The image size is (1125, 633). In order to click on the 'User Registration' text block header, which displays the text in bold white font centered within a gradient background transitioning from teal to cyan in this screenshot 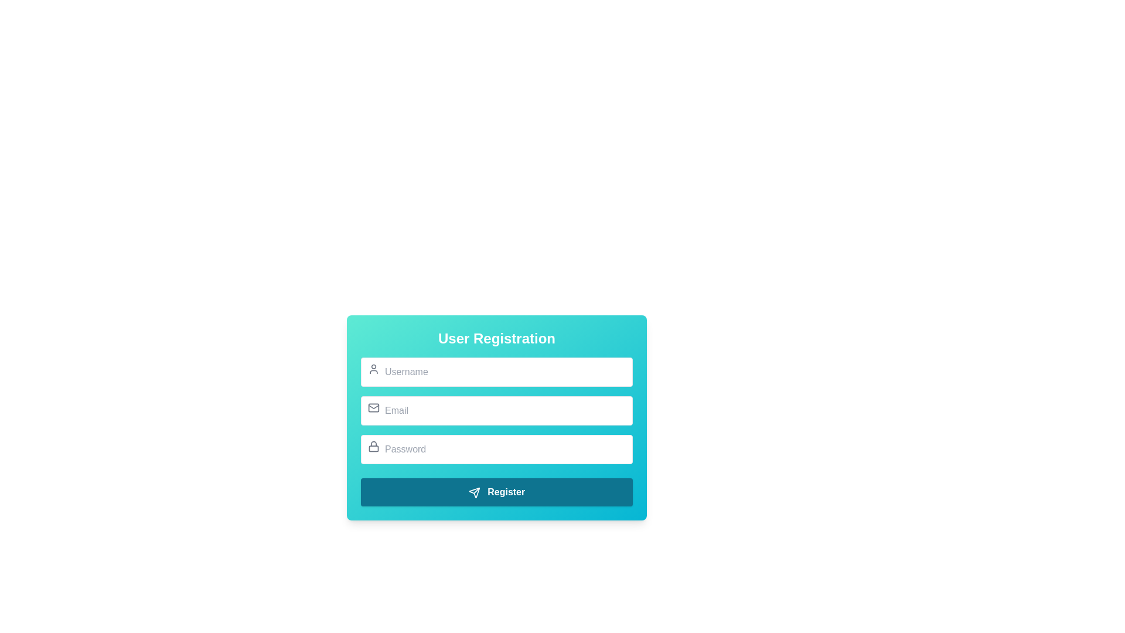, I will do `click(497, 339)`.